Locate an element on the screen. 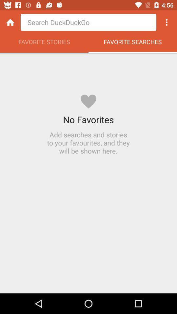 This screenshot has width=177, height=314. the icon above favorite stories item is located at coordinates (10, 22).